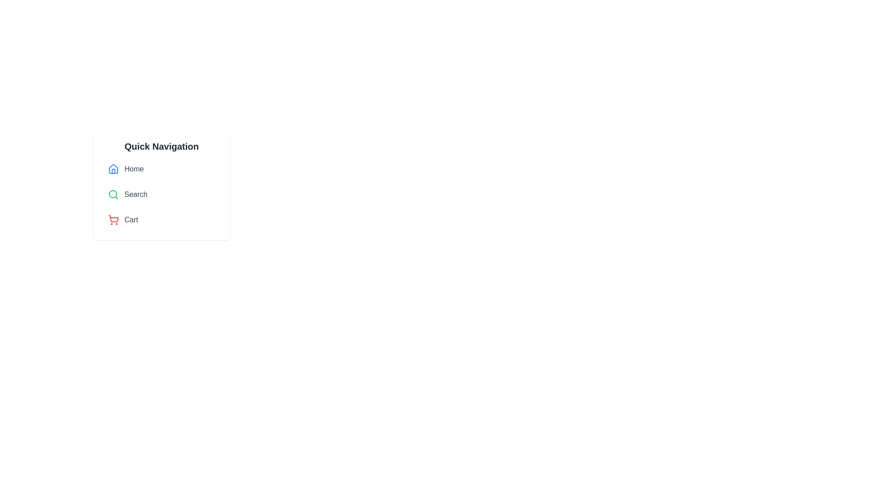 The image size is (872, 490). What do you see at coordinates (113, 171) in the screenshot?
I see `the interior segment of the blue house icon within the 'Quick Navigation' section, which is positioned to the left of the 'Home' text label` at bounding box center [113, 171].